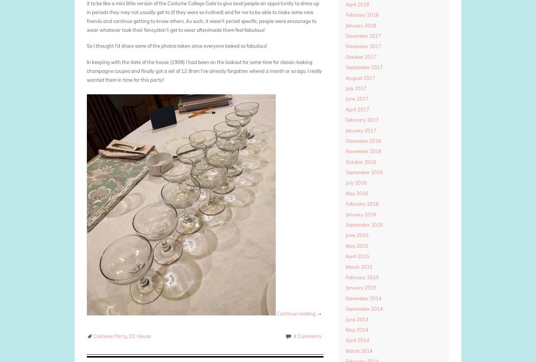 The height and width of the screenshot is (362, 536). What do you see at coordinates (360, 57) in the screenshot?
I see `'October 2017'` at bounding box center [360, 57].